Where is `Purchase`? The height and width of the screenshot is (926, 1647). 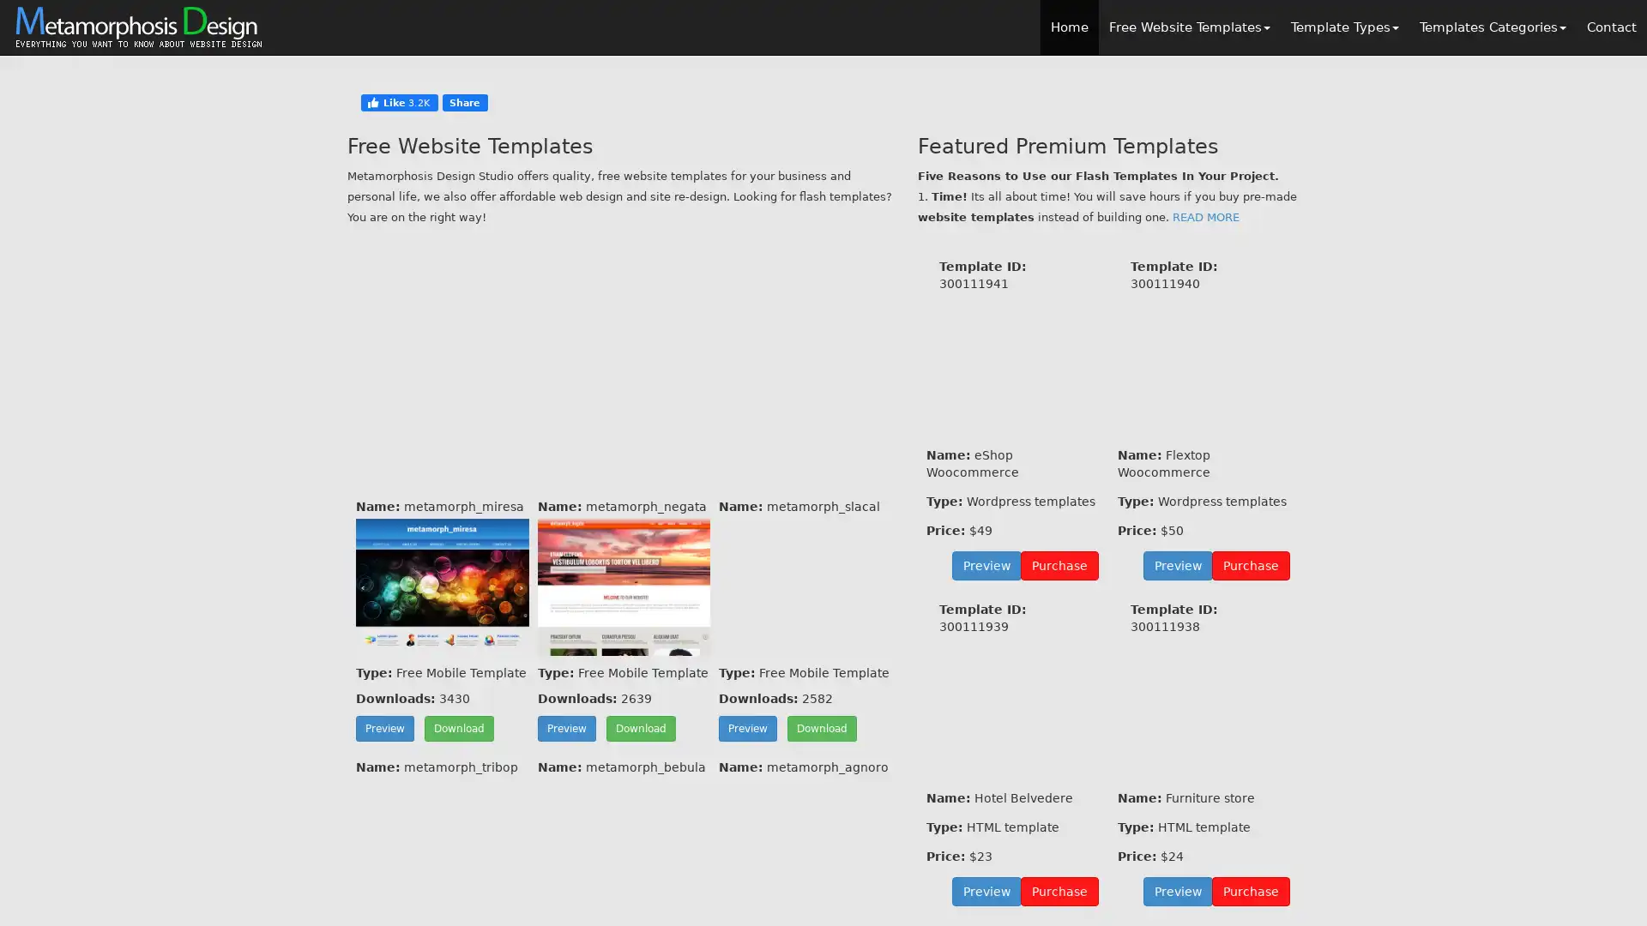 Purchase is located at coordinates (1250, 565).